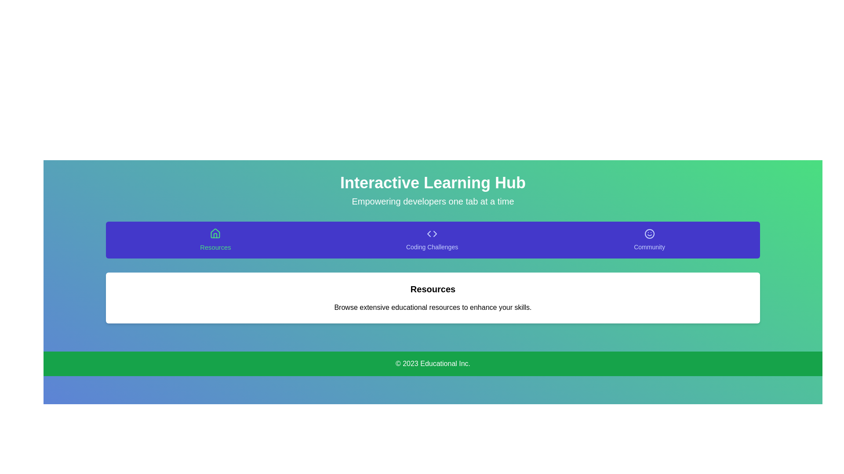 This screenshot has width=844, height=474. What do you see at coordinates (649, 240) in the screenshot?
I see `the tab labeled Community` at bounding box center [649, 240].